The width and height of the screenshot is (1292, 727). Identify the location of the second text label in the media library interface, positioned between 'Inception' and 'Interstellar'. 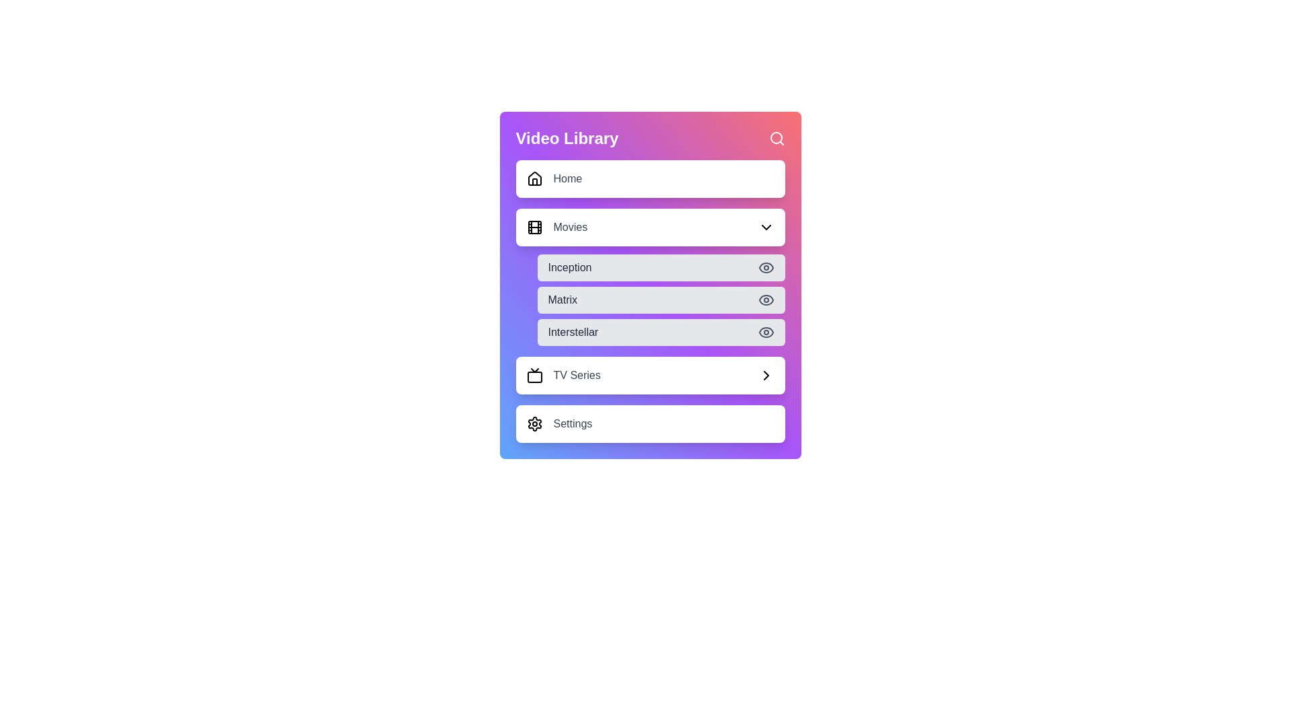
(563, 300).